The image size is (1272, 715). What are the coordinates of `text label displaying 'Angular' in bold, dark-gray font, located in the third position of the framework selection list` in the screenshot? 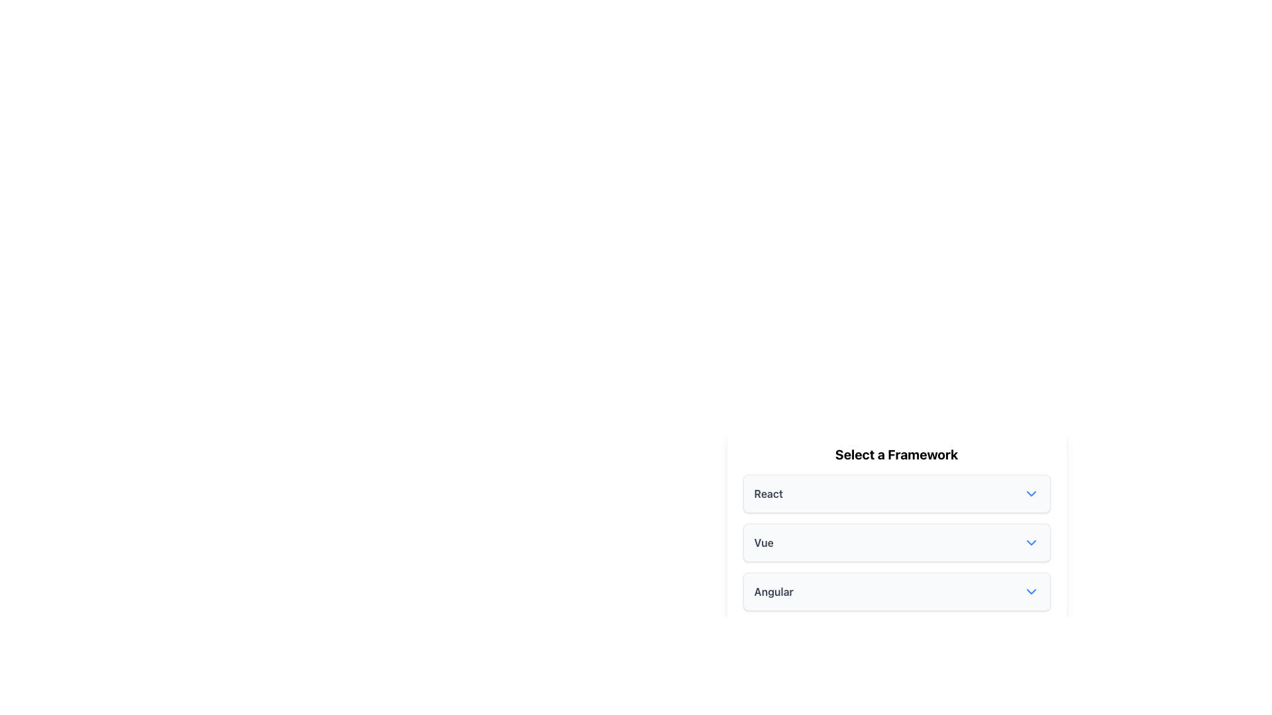 It's located at (774, 591).